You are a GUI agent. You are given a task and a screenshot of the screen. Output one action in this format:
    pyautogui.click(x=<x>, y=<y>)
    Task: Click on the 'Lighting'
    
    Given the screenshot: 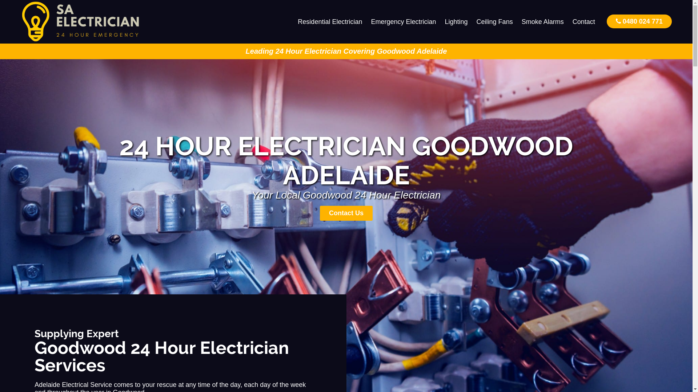 What is the action you would take?
    pyautogui.click(x=456, y=21)
    